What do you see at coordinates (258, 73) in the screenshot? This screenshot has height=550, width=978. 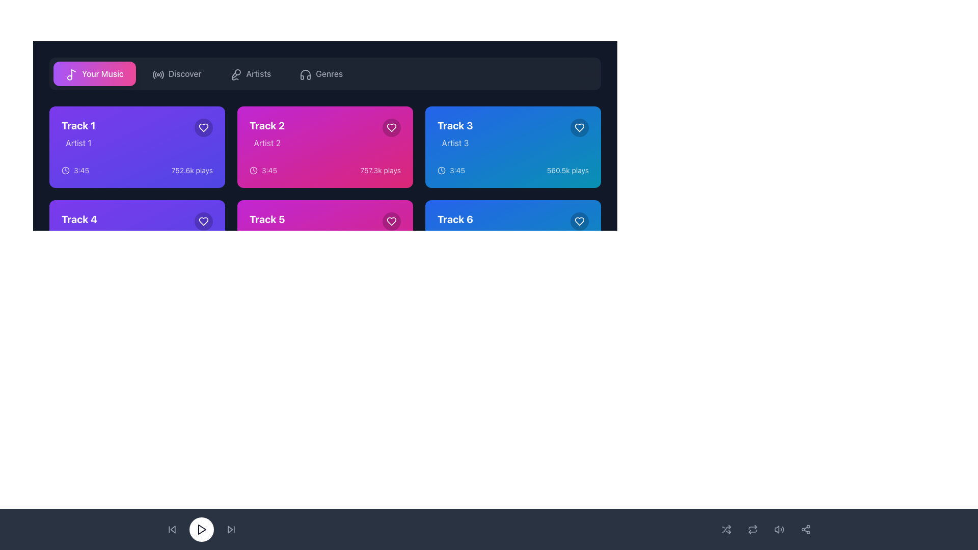 I see `the 'Artists' navigation button in the upper third of the interface` at bounding box center [258, 73].